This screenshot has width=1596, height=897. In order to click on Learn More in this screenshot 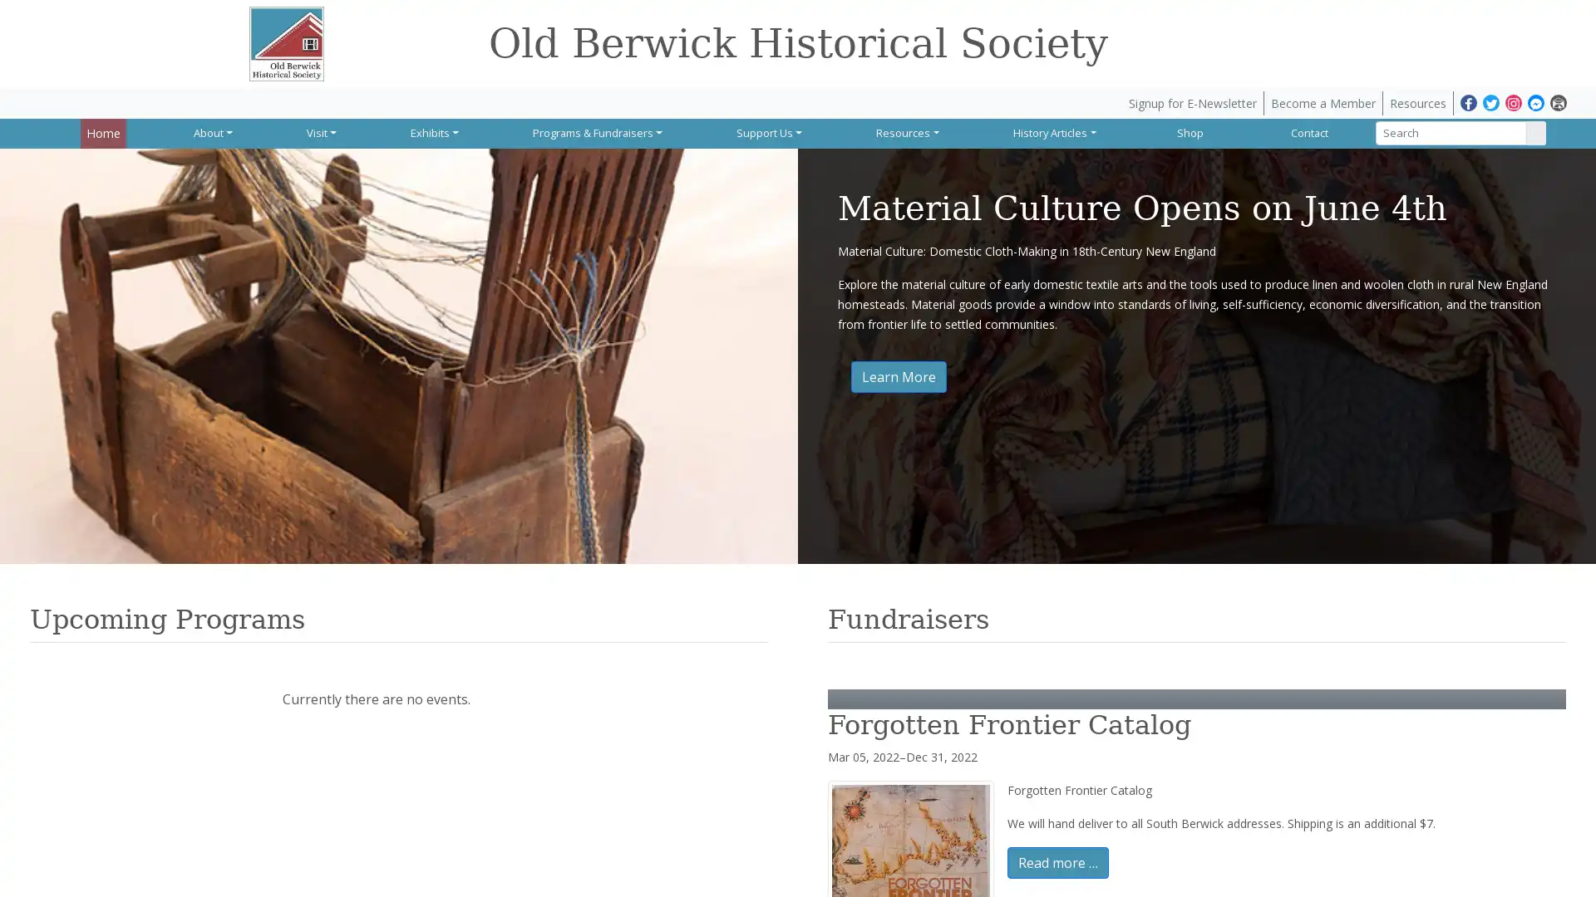, I will do `click(898, 375)`.